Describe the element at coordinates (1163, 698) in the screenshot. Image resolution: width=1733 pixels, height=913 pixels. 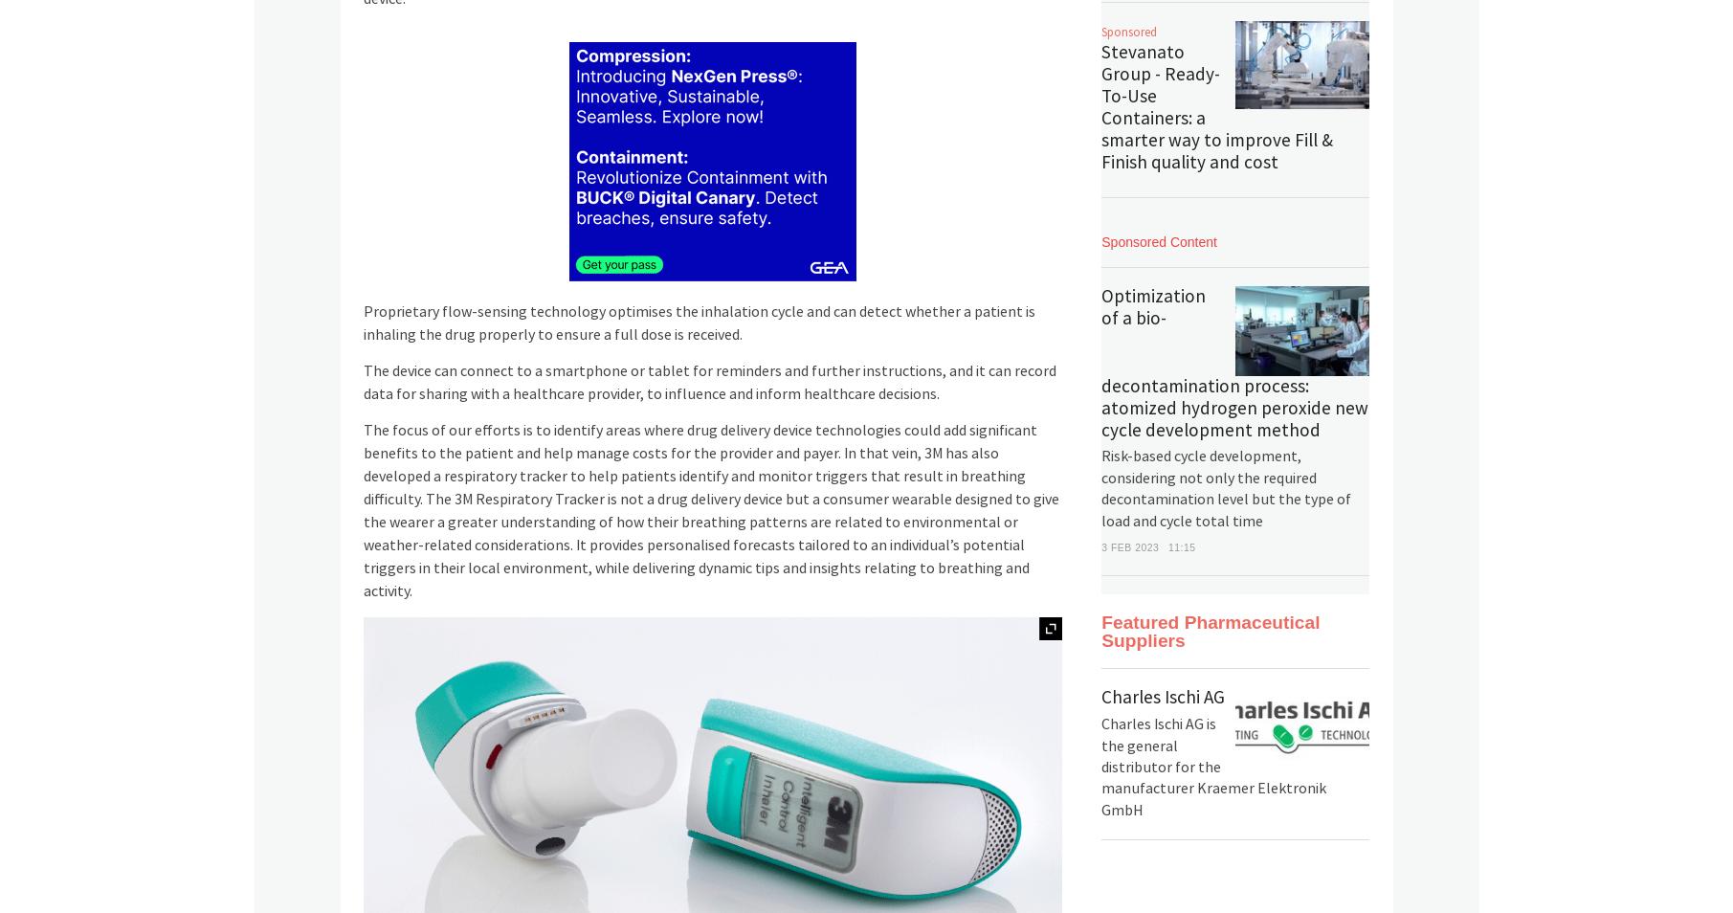
I see `'Charles Ischi AG'` at that location.